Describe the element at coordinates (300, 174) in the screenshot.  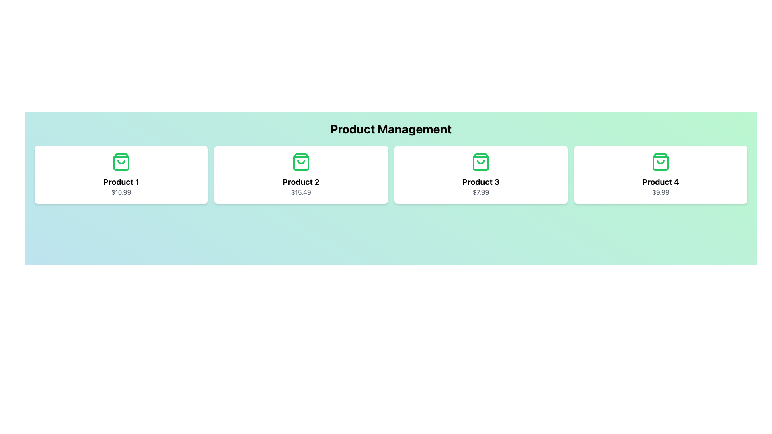
I see `the product item card displaying basic product information, which is the second card in a grid, located between 'Product 1 - $10.99' and 'Product 3 - $7.99'` at that location.